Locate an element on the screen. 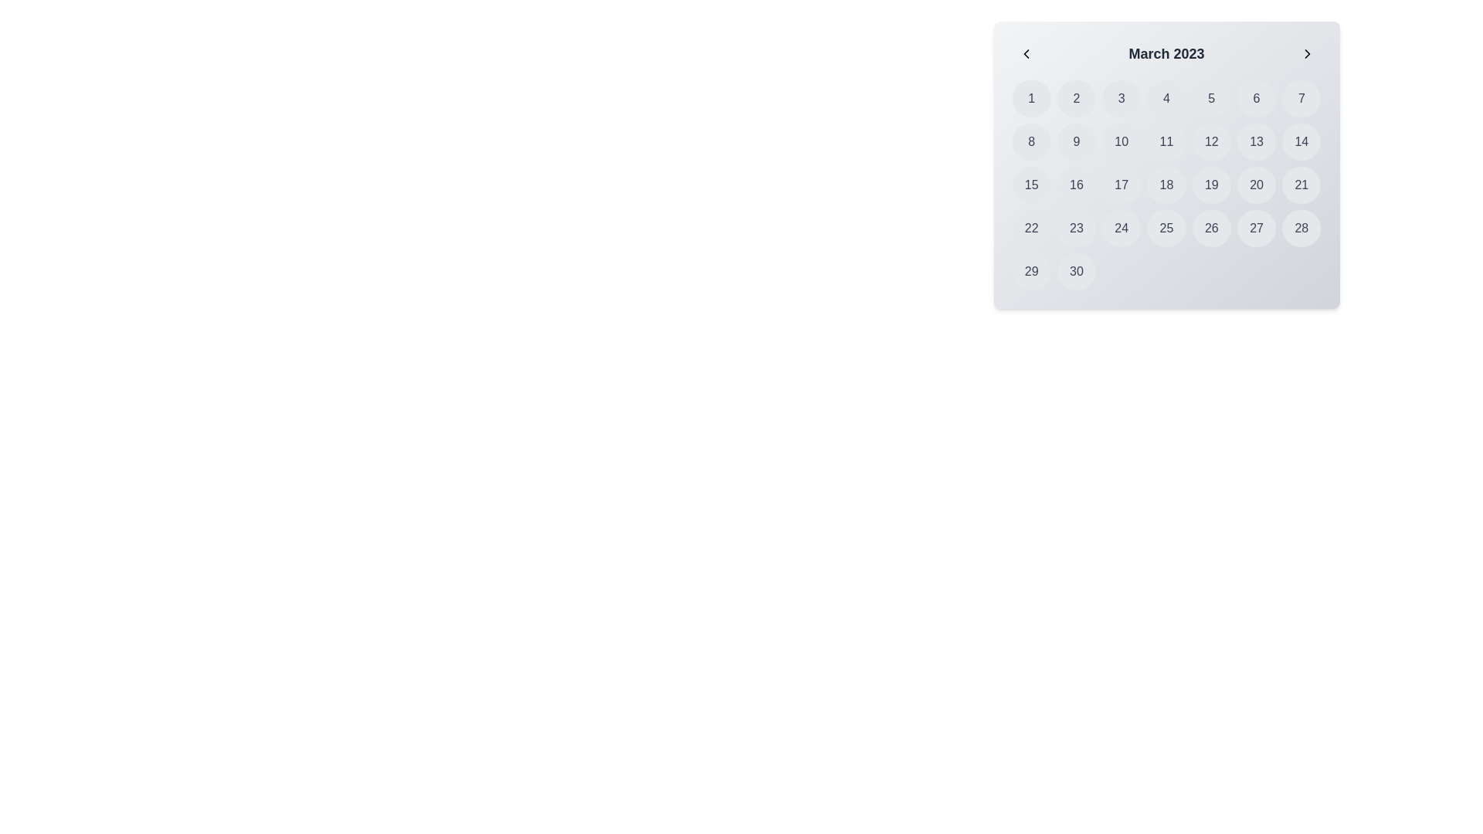 The image size is (1483, 834). the date button in the date selection grid to trigger a visual color change, indicating interactivity is located at coordinates (1166, 184).